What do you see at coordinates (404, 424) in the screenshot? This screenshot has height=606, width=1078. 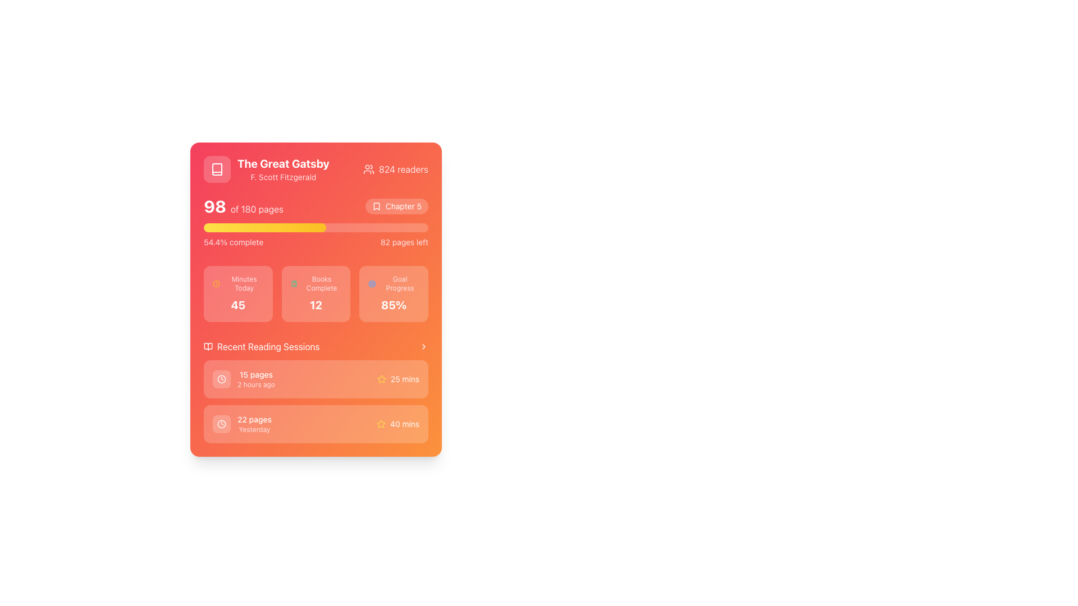 I see `text element displaying '40 mins' in small white text on an orange background, located towards the bottom-right corner of the recent reading session section` at bounding box center [404, 424].